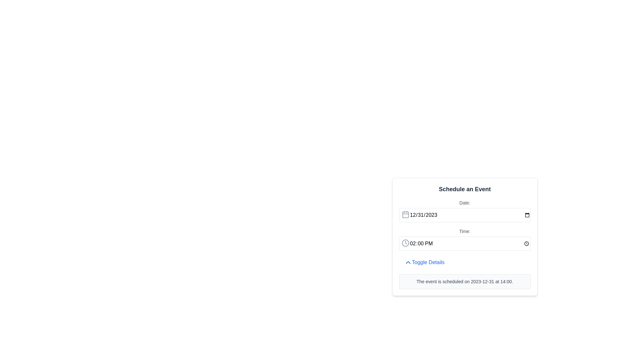 The height and width of the screenshot is (350, 623). Describe the element at coordinates (405, 243) in the screenshot. I see `the clock icon located to the left of the displayed time value ('02:00 PM') within the time input field, which is styled with a gray outline on a white background` at that location.